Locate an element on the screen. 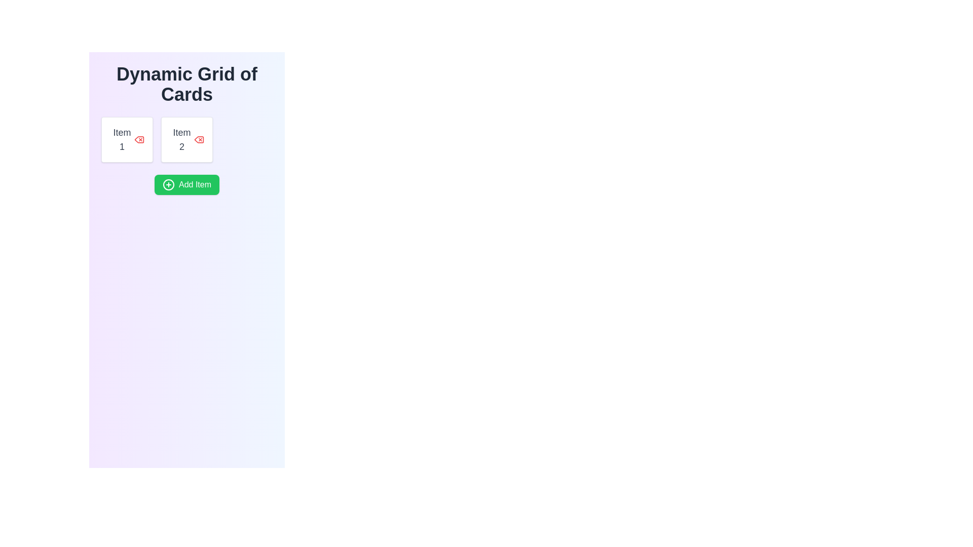 The height and width of the screenshot is (547, 973). the red icon associated with the 'Item 2' card in the grid layout is located at coordinates (187, 140).